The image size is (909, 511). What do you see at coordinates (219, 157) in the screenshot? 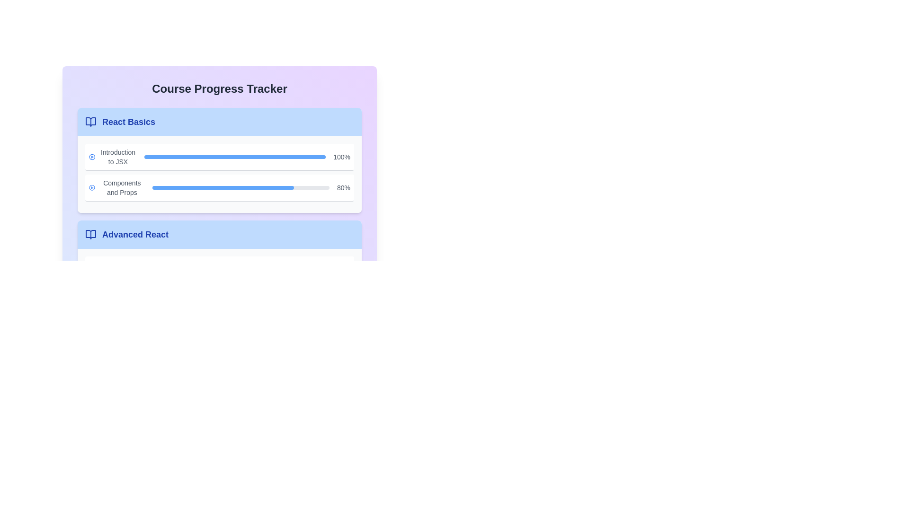
I see `the Progress Tracker Segment displaying 'Introduction to JSX' with a blue circular play icon and a filled blue progress bar indicating 100% completion` at bounding box center [219, 157].